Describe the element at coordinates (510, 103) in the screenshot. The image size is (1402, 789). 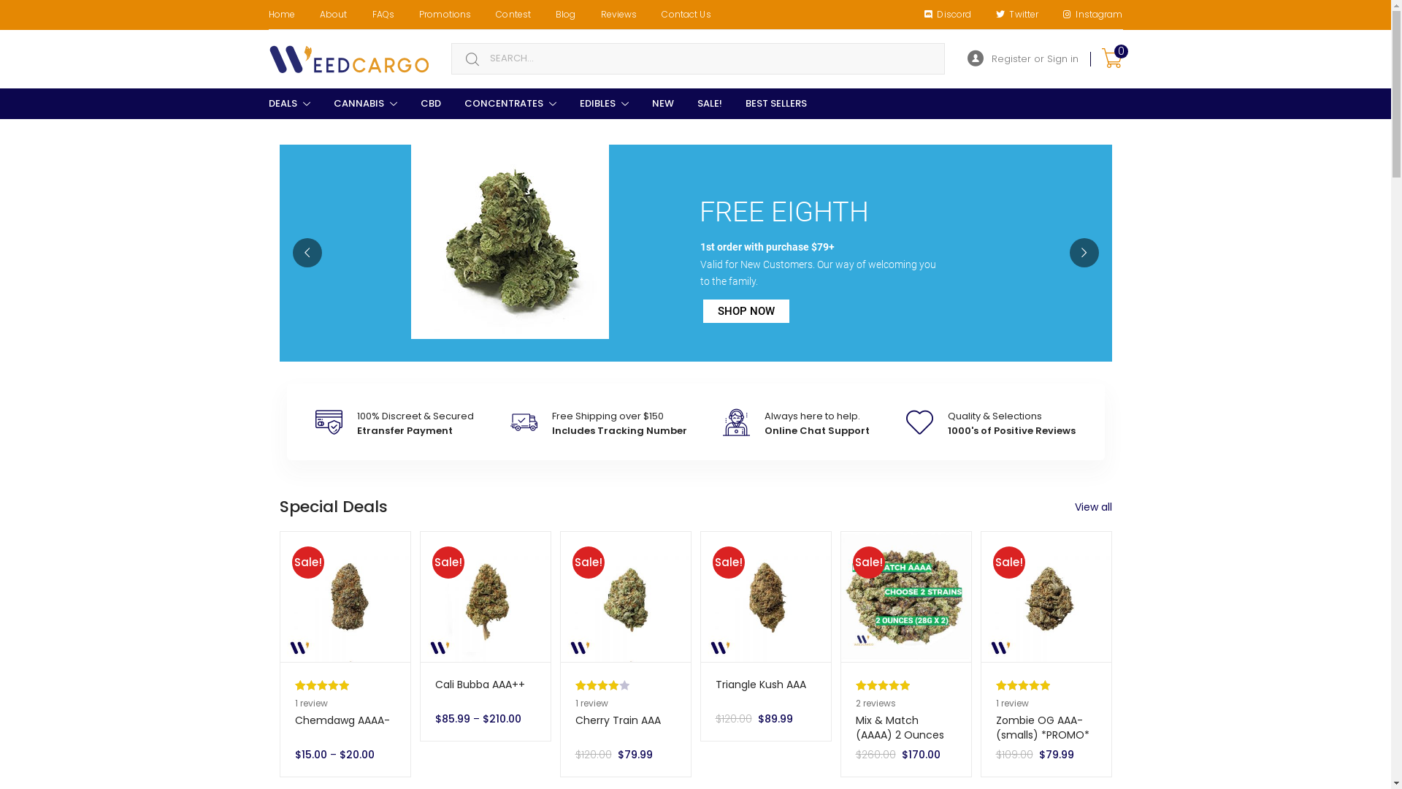
I see `'CONCENTRATES'` at that location.